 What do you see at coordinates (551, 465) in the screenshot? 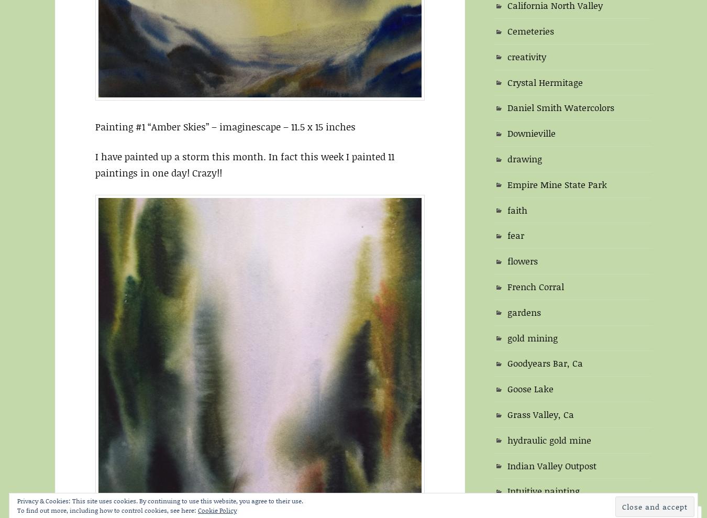
I see `'Indian Valley Outpost'` at bounding box center [551, 465].